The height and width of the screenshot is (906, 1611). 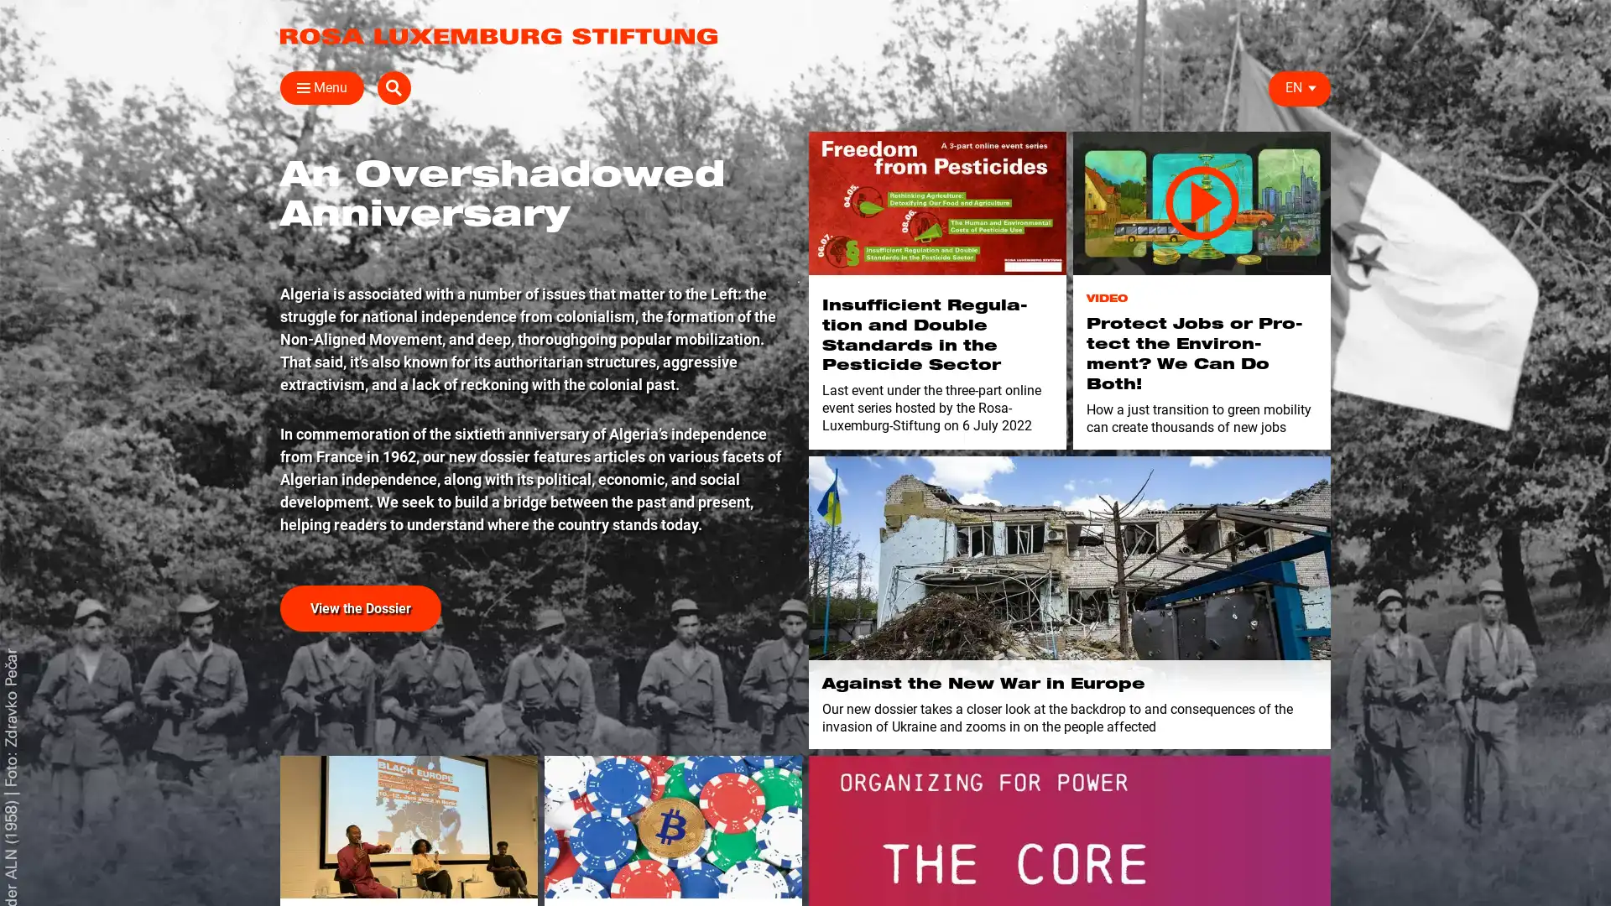 I want to click on Show more / less, so click(x=273, y=252).